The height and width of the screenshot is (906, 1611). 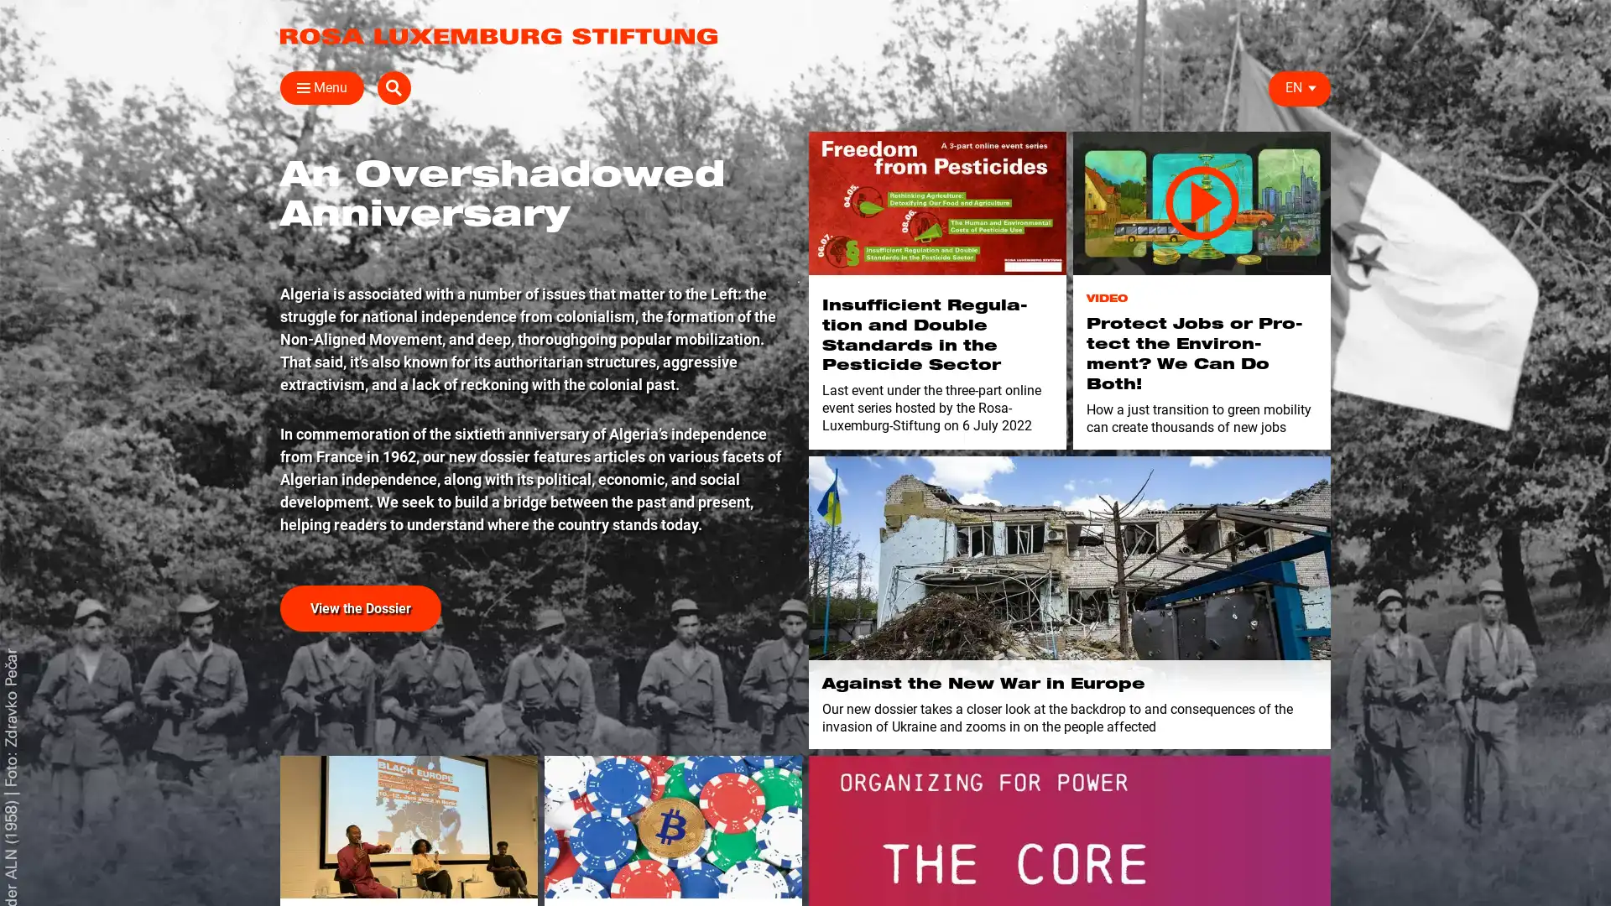 I want to click on Show more / less, so click(x=273, y=252).